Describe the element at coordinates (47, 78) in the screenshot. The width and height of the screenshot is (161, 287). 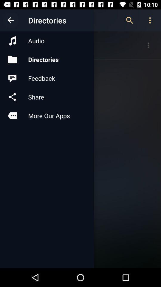
I see `feedback icon` at that location.